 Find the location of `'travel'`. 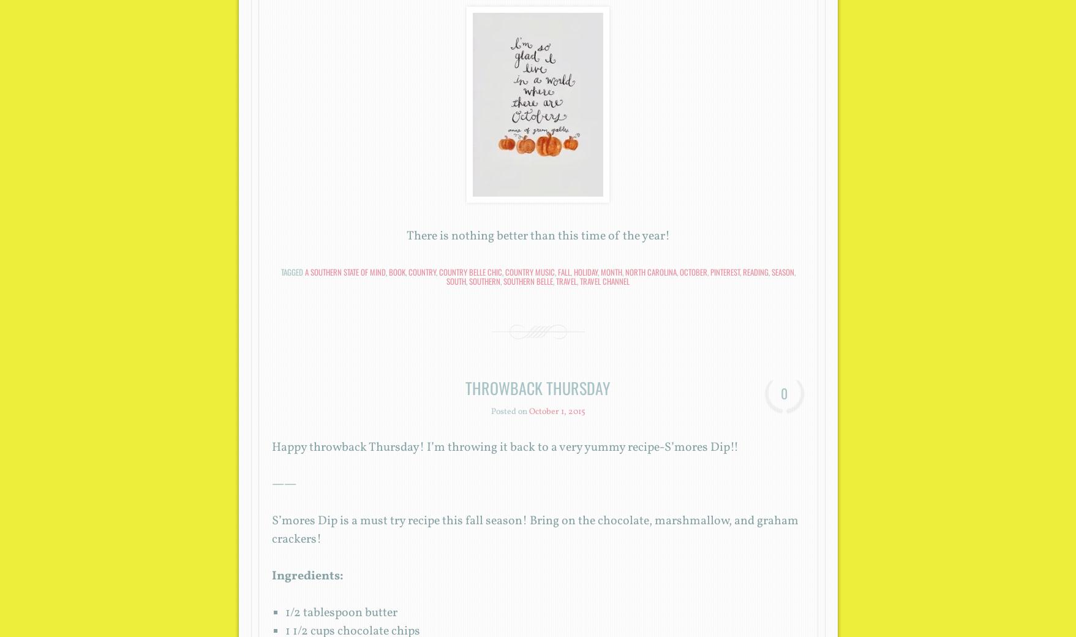

'travel' is located at coordinates (566, 281).